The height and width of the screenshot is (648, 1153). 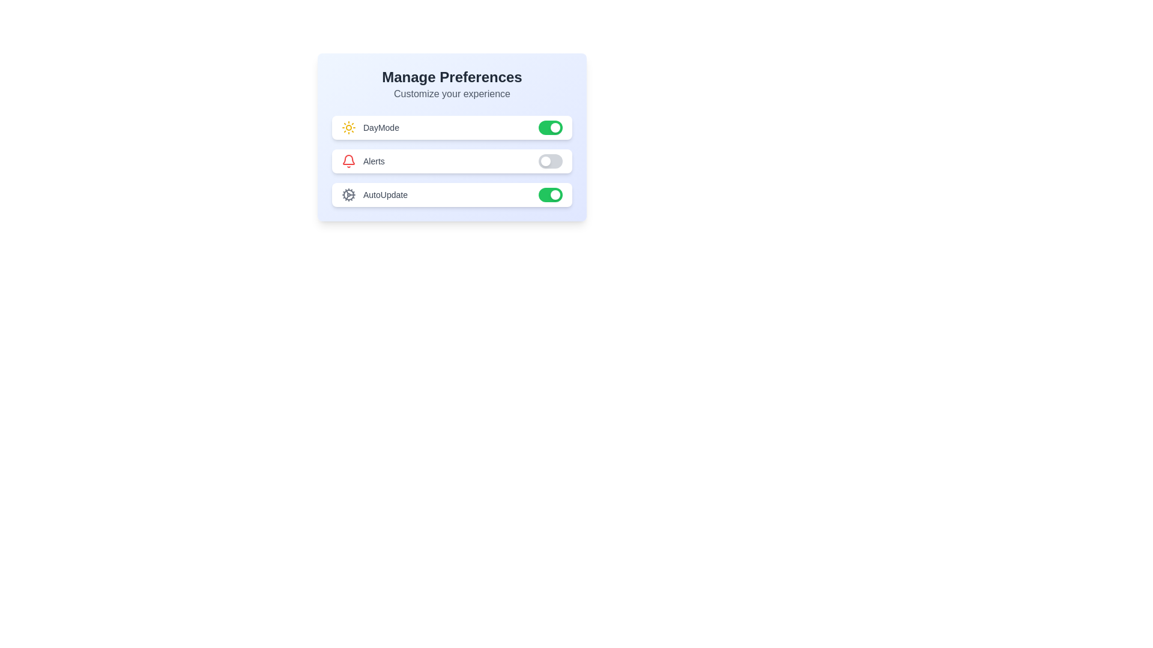 What do you see at coordinates (348, 127) in the screenshot?
I see `the sun-shaped icon located left of the 'DayMode' text in the Manage Preferences panel, which is the first item in the row` at bounding box center [348, 127].